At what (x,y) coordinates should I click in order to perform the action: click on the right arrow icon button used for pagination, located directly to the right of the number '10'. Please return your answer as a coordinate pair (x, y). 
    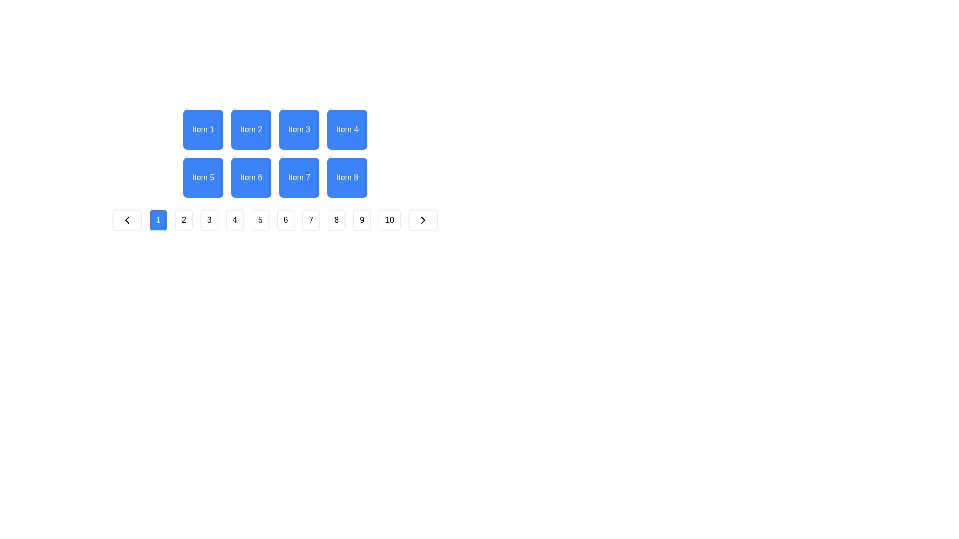
    Looking at the image, I should click on (423, 219).